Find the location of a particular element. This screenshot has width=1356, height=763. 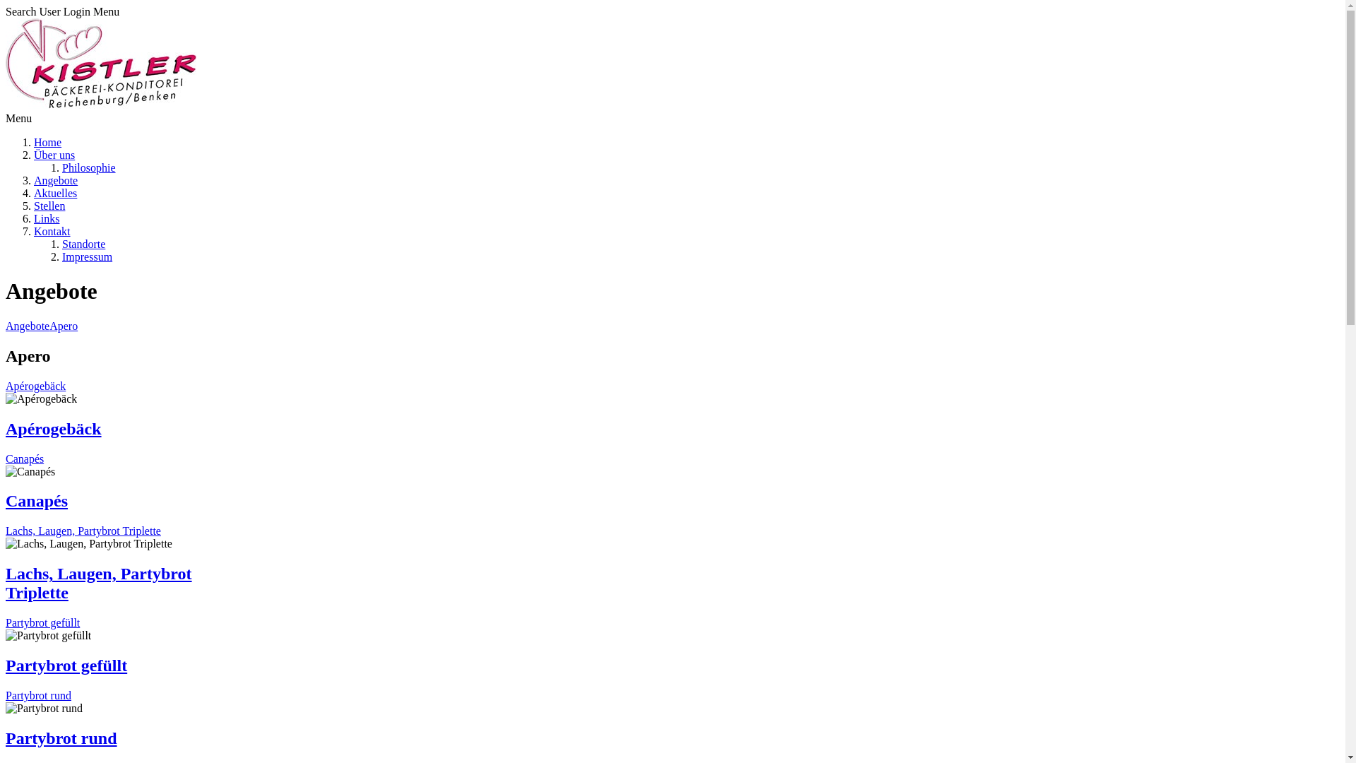

'Aktuelles' is located at coordinates (34, 193).